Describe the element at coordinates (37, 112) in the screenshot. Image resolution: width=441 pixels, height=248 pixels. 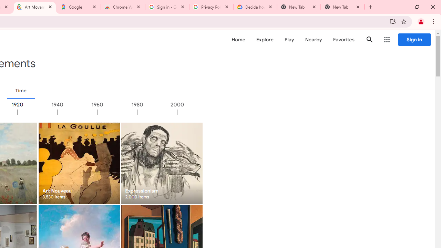
I see `'1920'` at that location.